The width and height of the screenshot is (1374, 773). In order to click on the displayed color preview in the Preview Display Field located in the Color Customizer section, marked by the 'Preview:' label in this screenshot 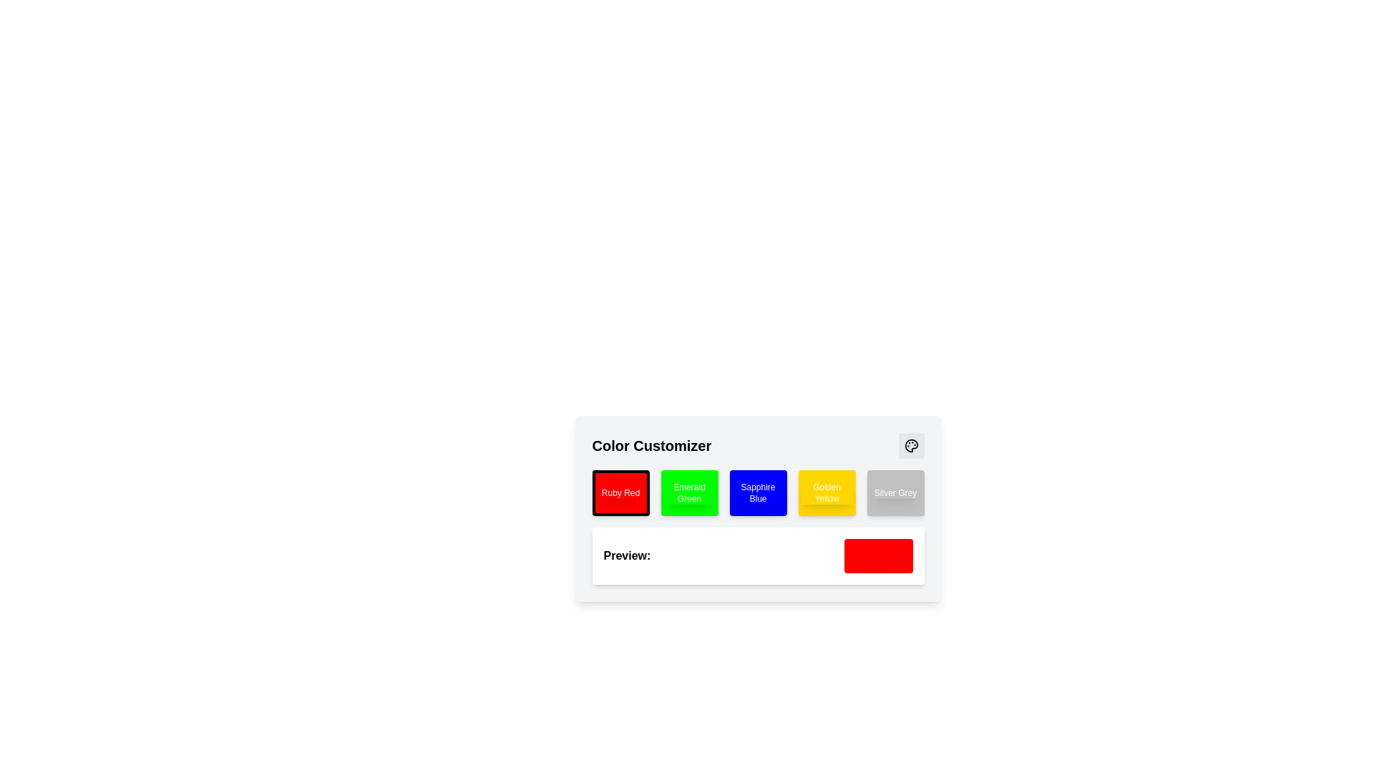, I will do `click(757, 527)`.